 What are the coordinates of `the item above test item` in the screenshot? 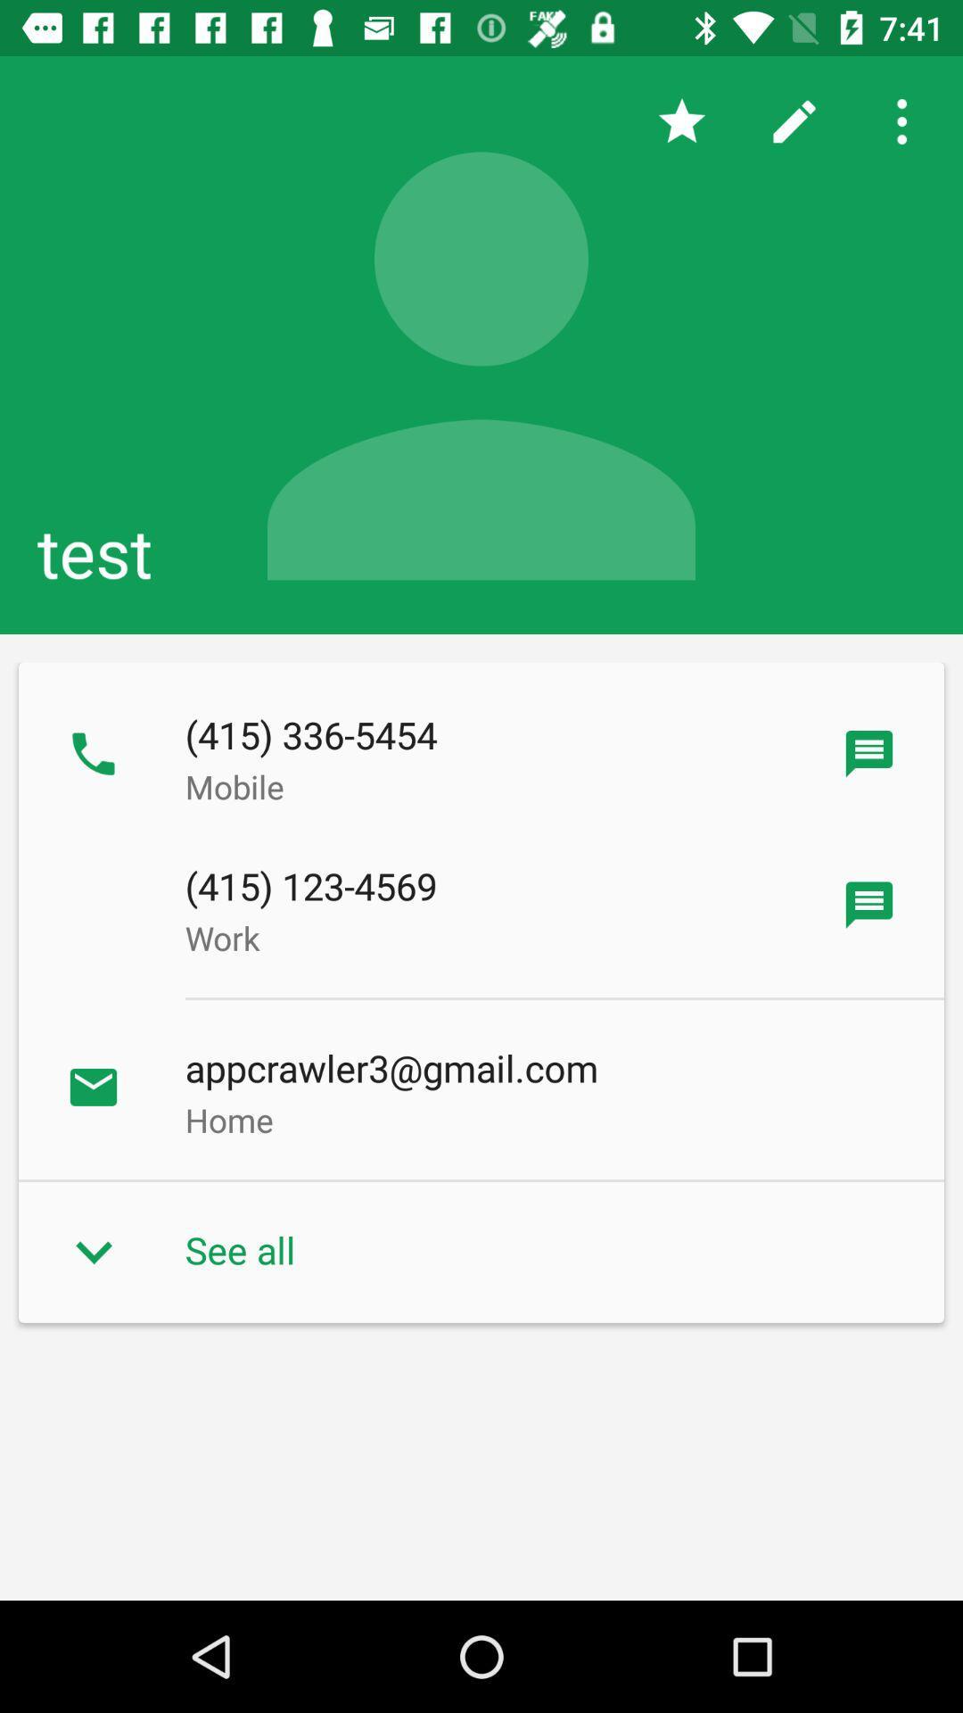 It's located at (907, 120).